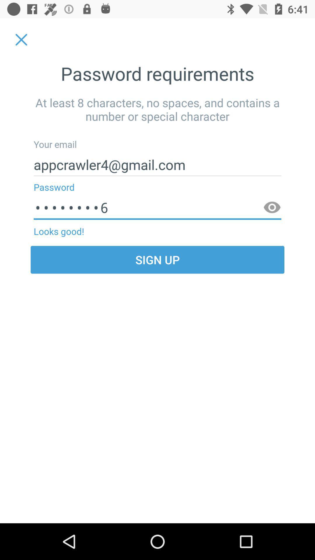  What do you see at coordinates (157, 208) in the screenshot?
I see `the crowd3116 icon` at bounding box center [157, 208].